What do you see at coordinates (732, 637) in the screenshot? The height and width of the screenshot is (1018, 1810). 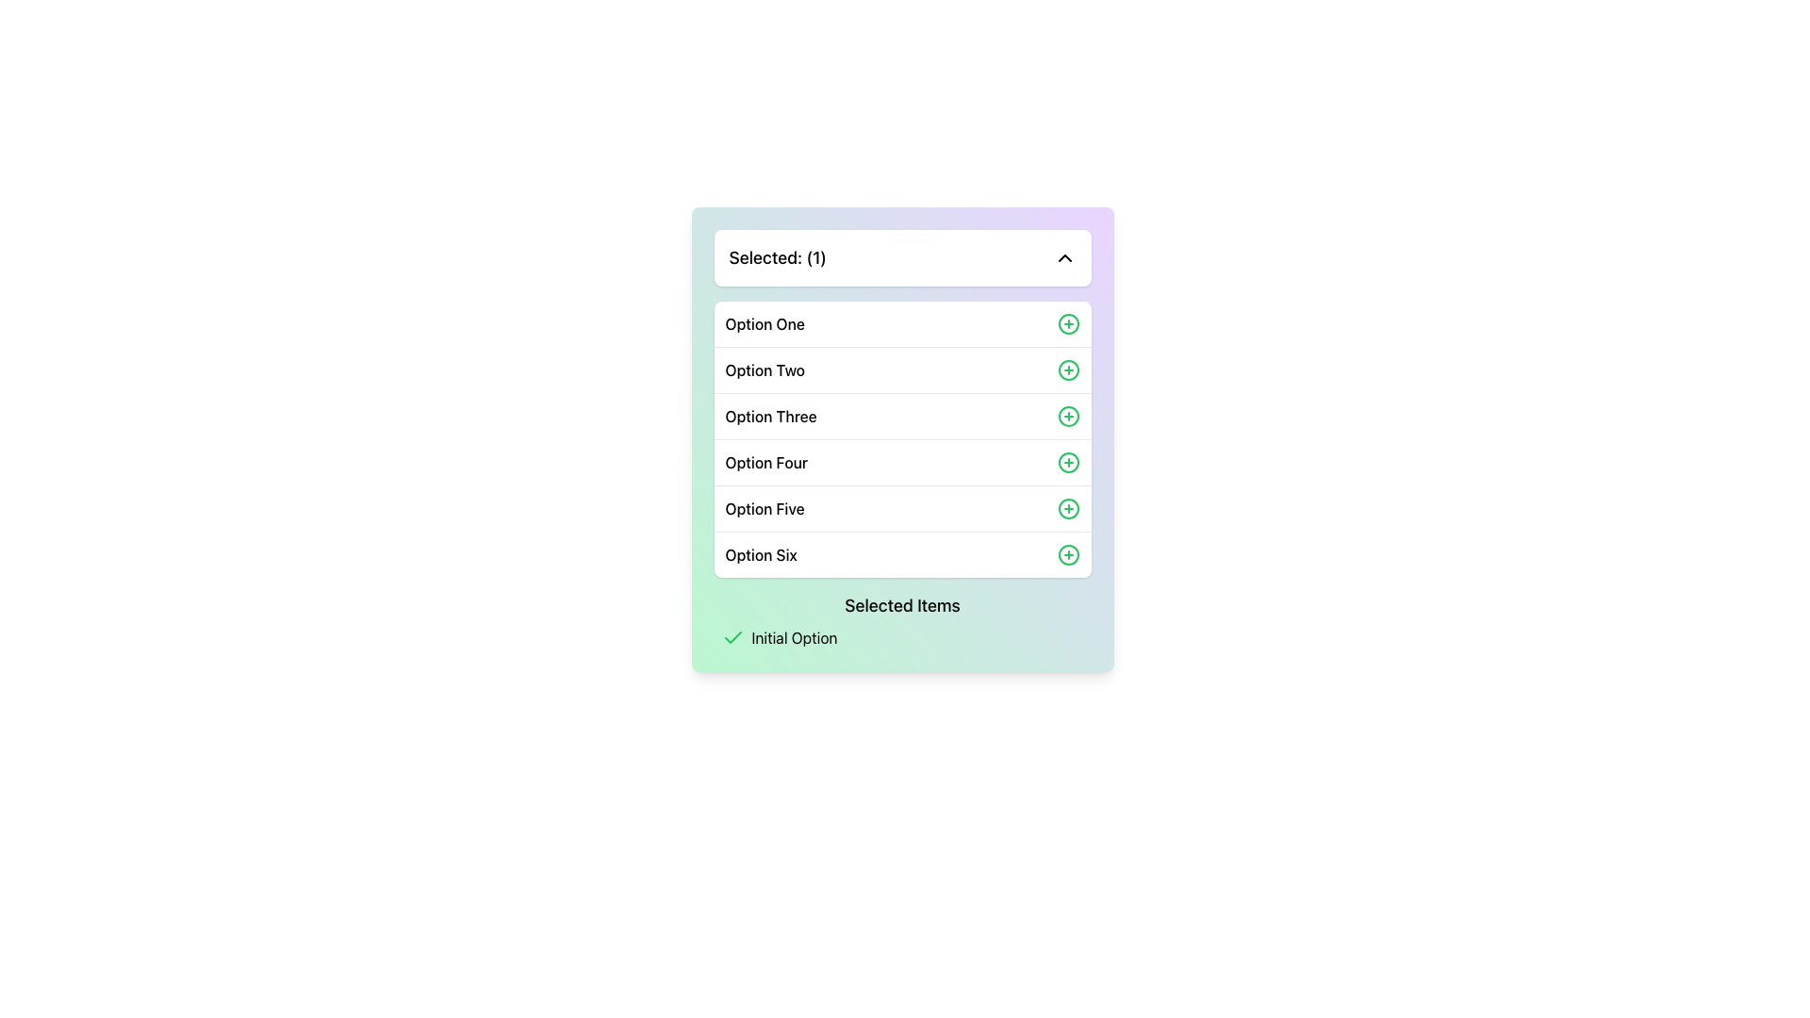 I see `the visual indicator icon to the left of the text 'Initial Option' in the 'Selected Items' section to deselect the option` at bounding box center [732, 637].